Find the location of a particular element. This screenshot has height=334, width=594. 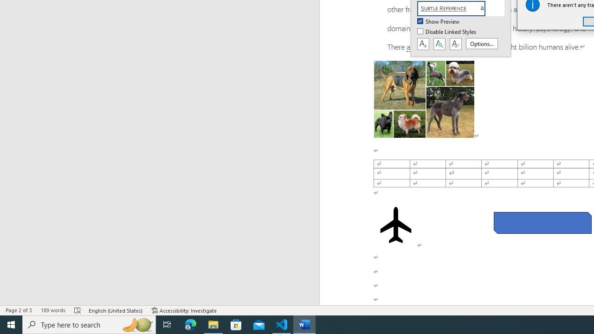

'Type here to search' is located at coordinates (89, 324).